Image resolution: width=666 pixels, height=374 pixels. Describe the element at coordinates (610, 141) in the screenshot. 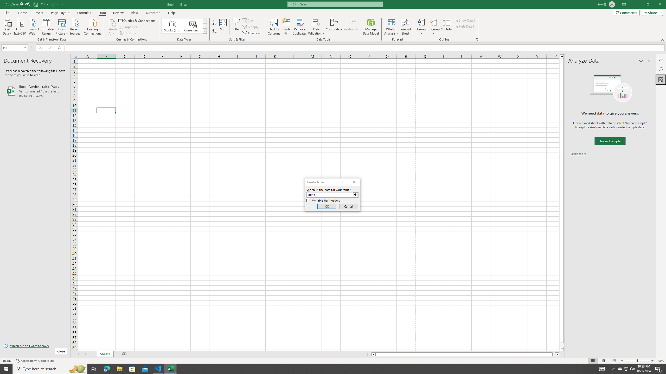

I see `'We need data to give you answers. Try an Example'` at that location.